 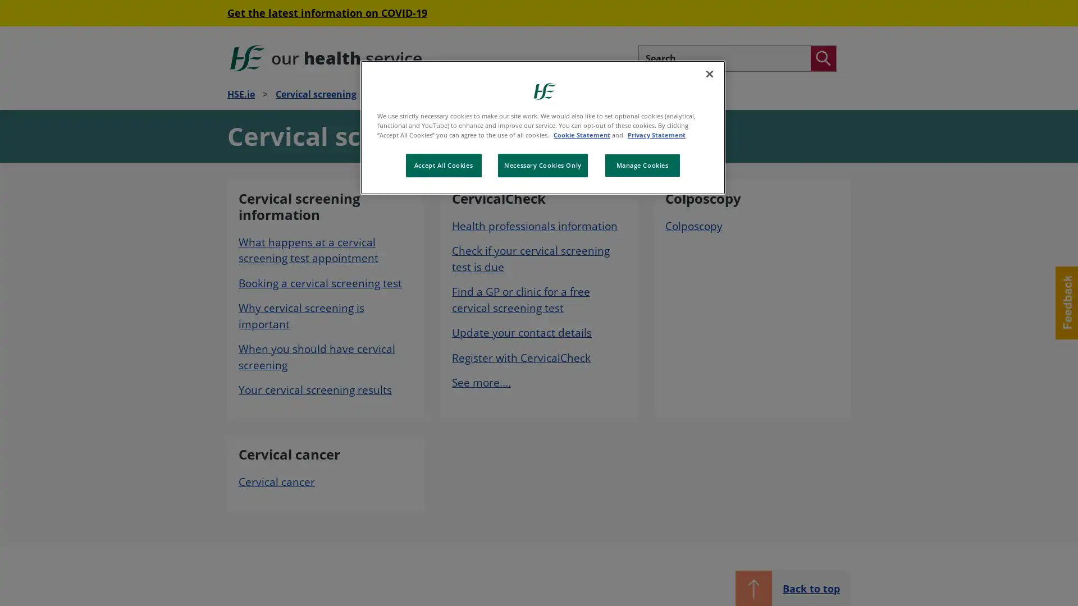 What do you see at coordinates (709, 74) in the screenshot?
I see `Close` at bounding box center [709, 74].